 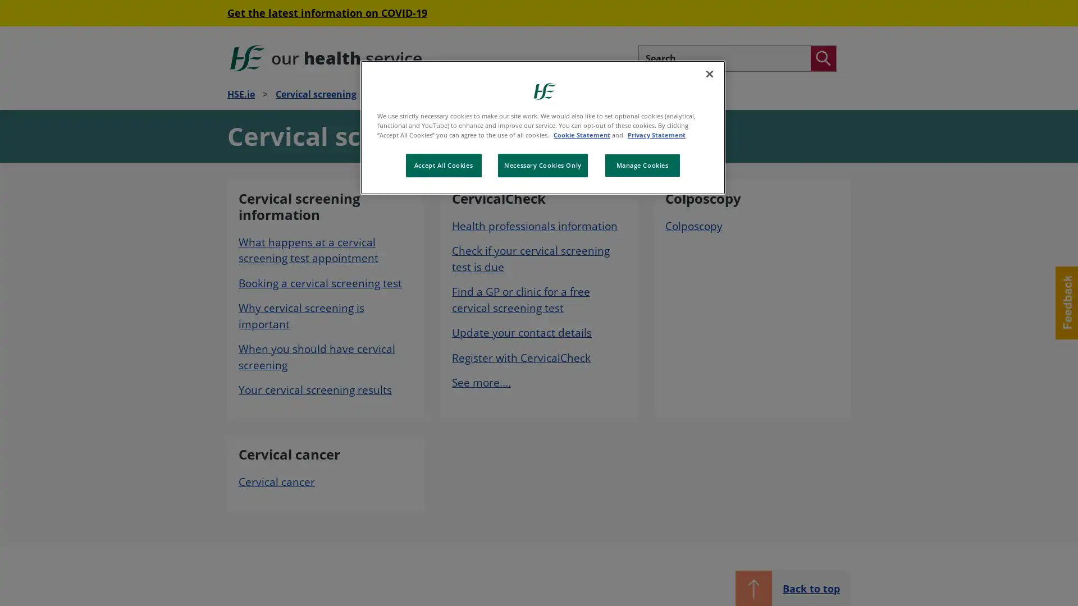 What do you see at coordinates (709, 74) in the screenshot?
I see `Close` at bounding box center [709, 74].